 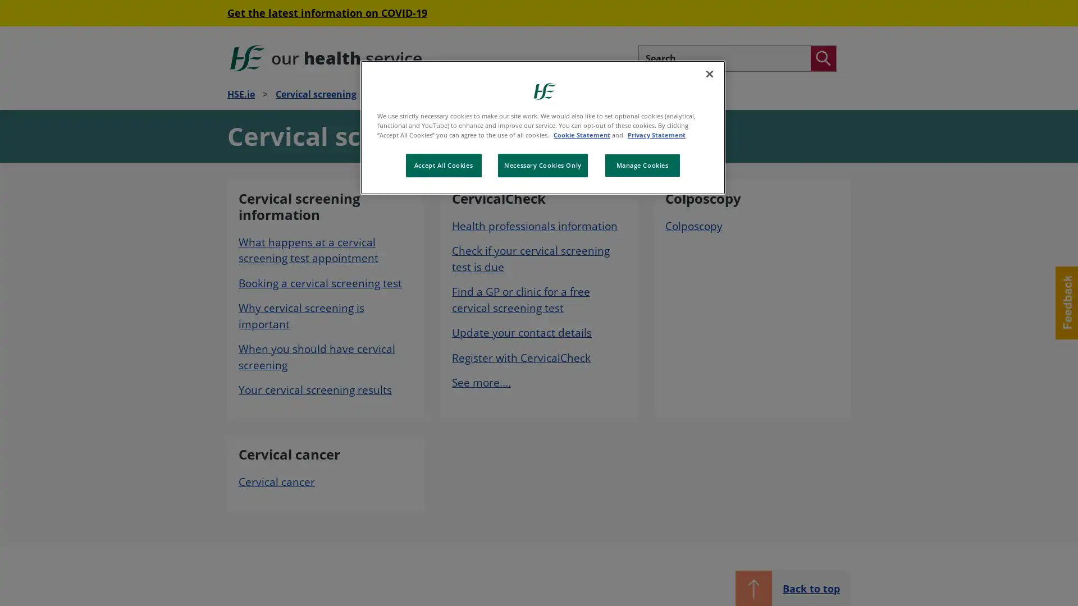 What do you see at coordinates (709, 74) in the screenshot?
I see `Close` at bounding box center [709, 74].